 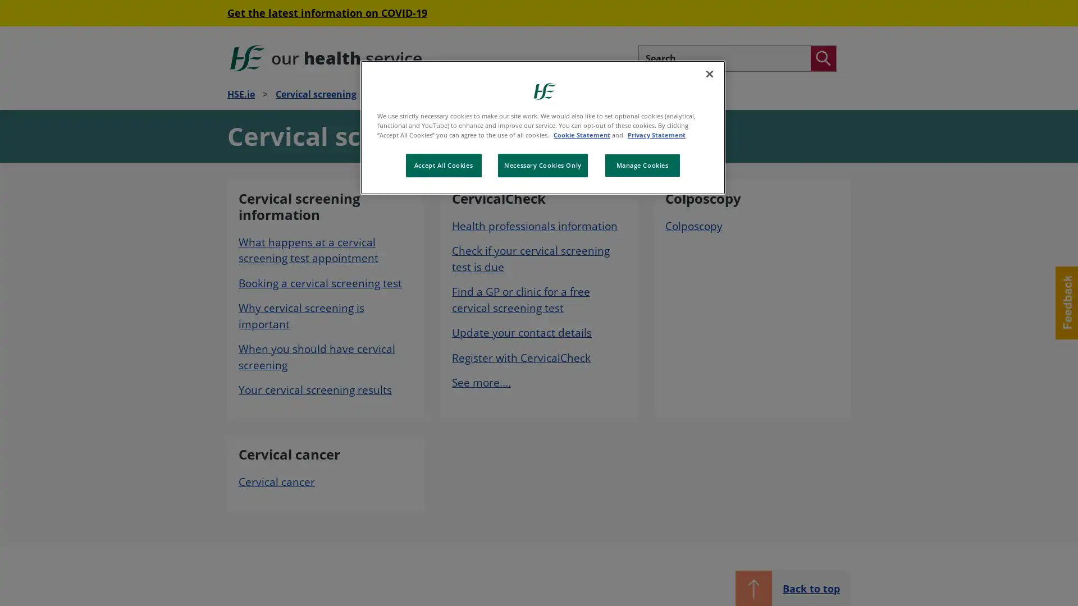 What do you see at coordinates (709, 74) in the screenshot?
I see `Close` at bounding box center [709, 74].